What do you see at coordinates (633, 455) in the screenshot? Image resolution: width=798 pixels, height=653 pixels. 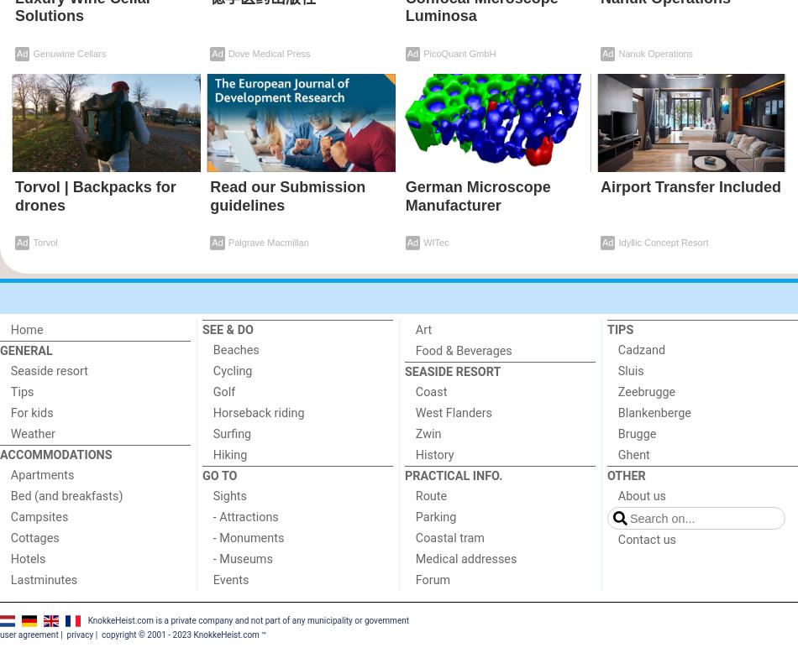 I see `'Ghent'` at bounding box center [633, 455].